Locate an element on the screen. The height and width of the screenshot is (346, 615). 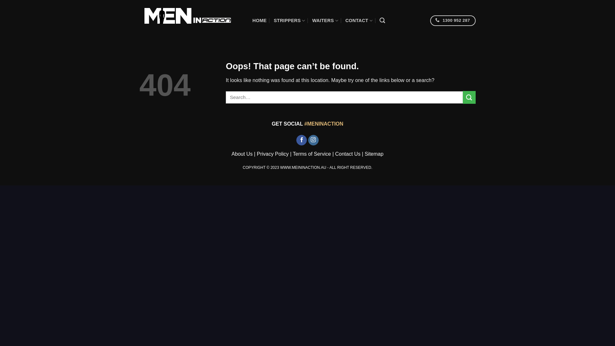
'About Us' is located at coordinates (242, 154).